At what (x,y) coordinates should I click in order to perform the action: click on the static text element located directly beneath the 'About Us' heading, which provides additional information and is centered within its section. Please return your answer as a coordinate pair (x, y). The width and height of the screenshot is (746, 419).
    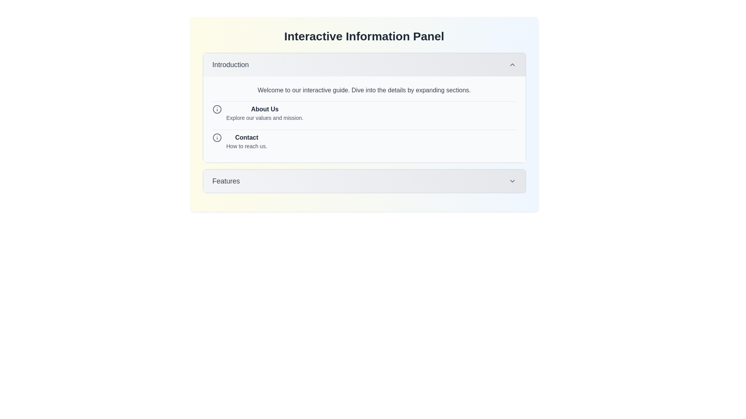
    Looking at the image, I should click on (265, 118).